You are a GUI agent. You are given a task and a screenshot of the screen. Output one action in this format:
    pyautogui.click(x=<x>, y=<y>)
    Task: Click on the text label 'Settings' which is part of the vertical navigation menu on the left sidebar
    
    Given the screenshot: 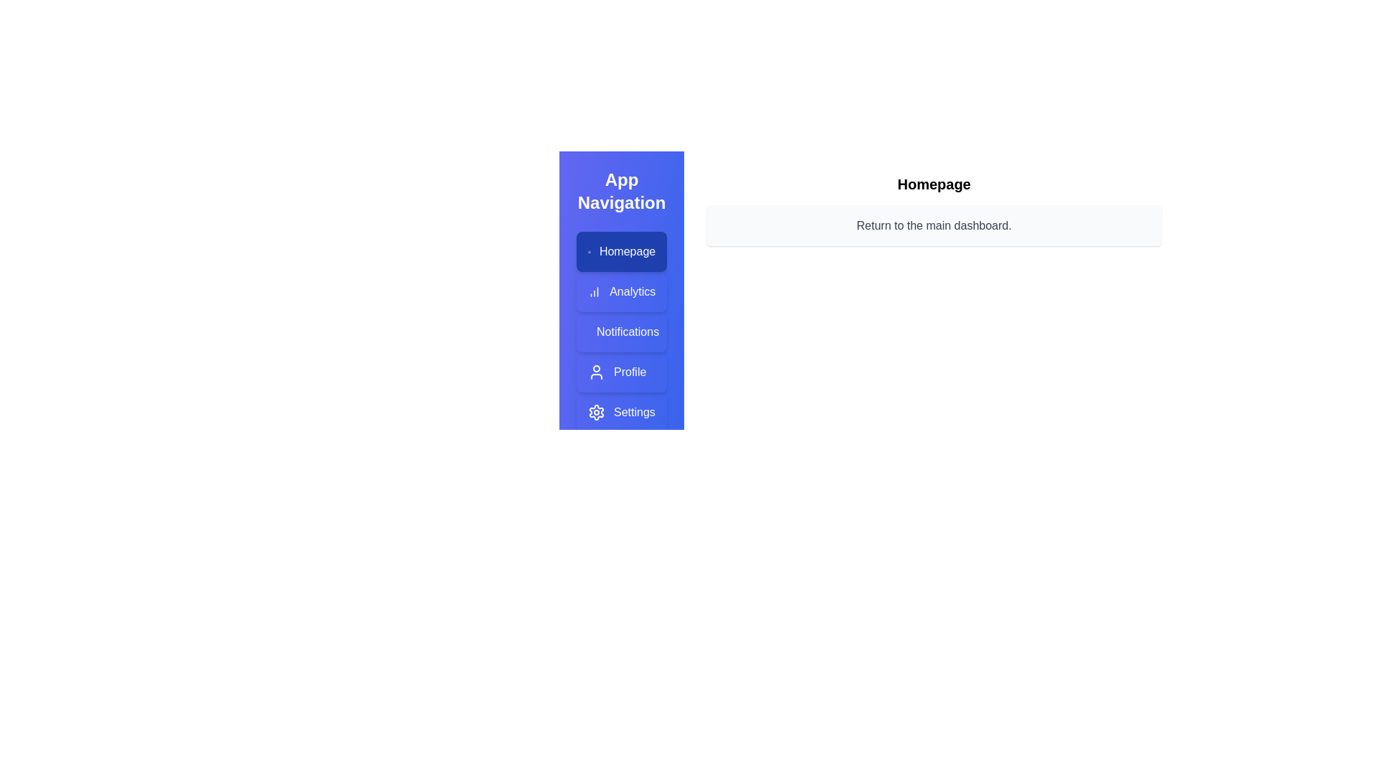 What is the action you would take?
    pyautogui.click(x=633, y=412)
    